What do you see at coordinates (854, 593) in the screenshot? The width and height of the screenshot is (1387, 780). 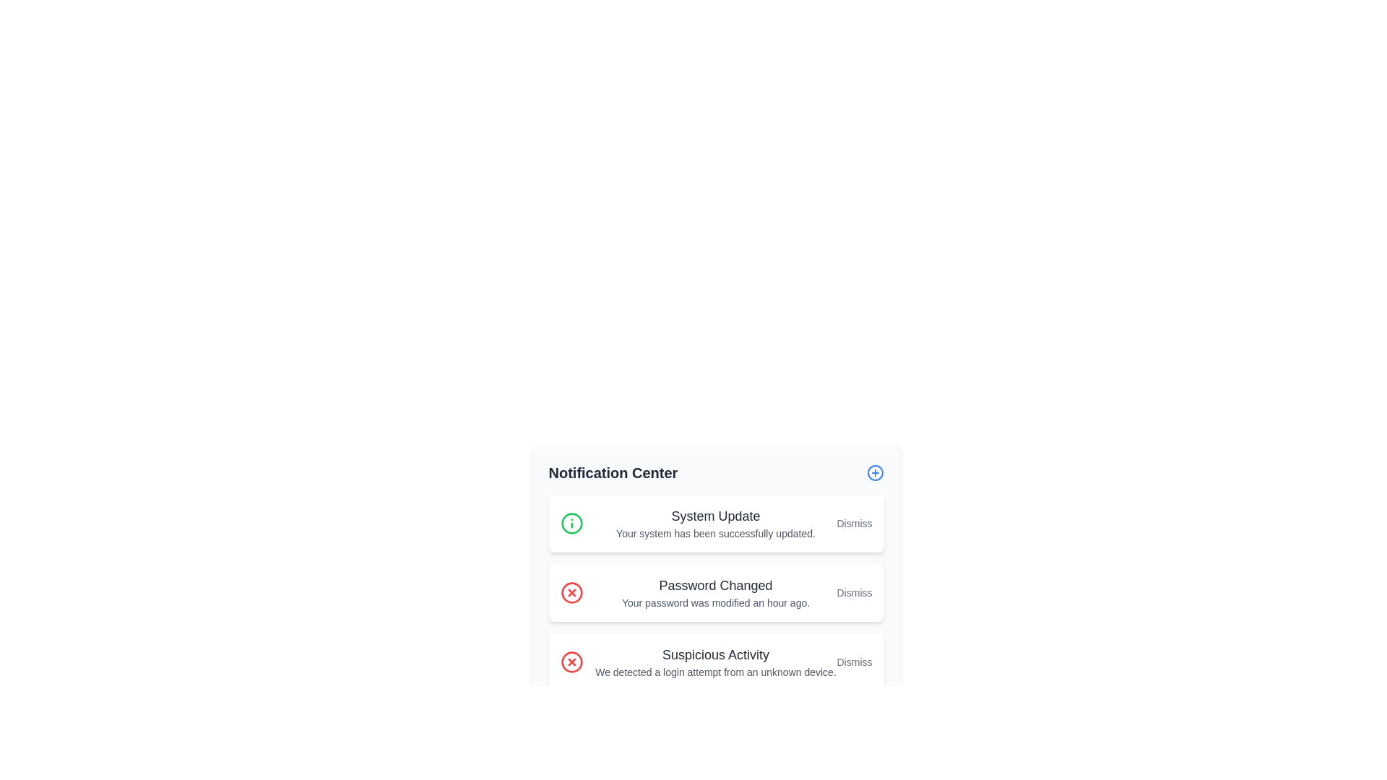 I see `the text-based interactive button that dismisses the notification titled 'Password Changed' to underline the text` at bounding box center [854, 593].